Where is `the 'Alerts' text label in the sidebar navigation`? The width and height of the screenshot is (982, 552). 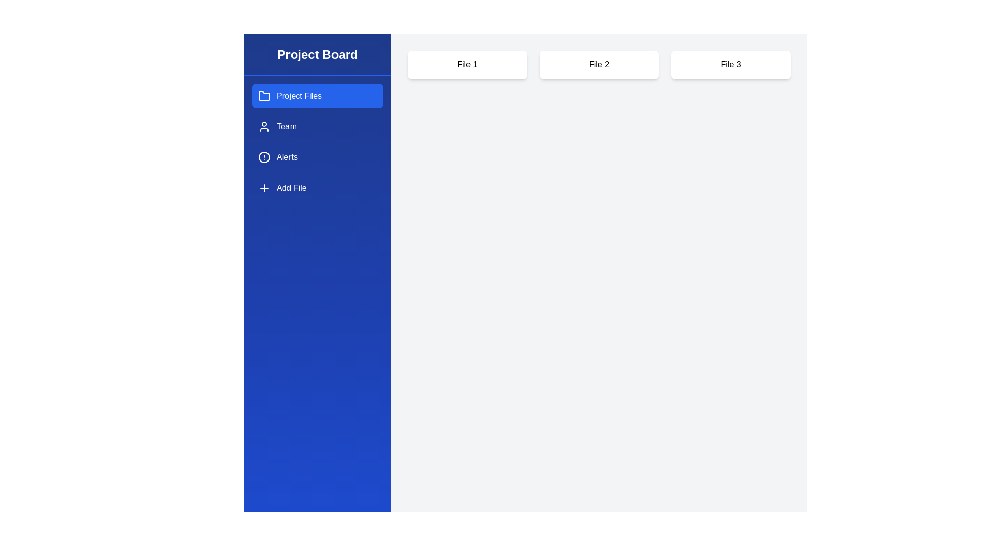 the 'Alerts' text label in the sidebar navigation is located at coordinates (286, 157).